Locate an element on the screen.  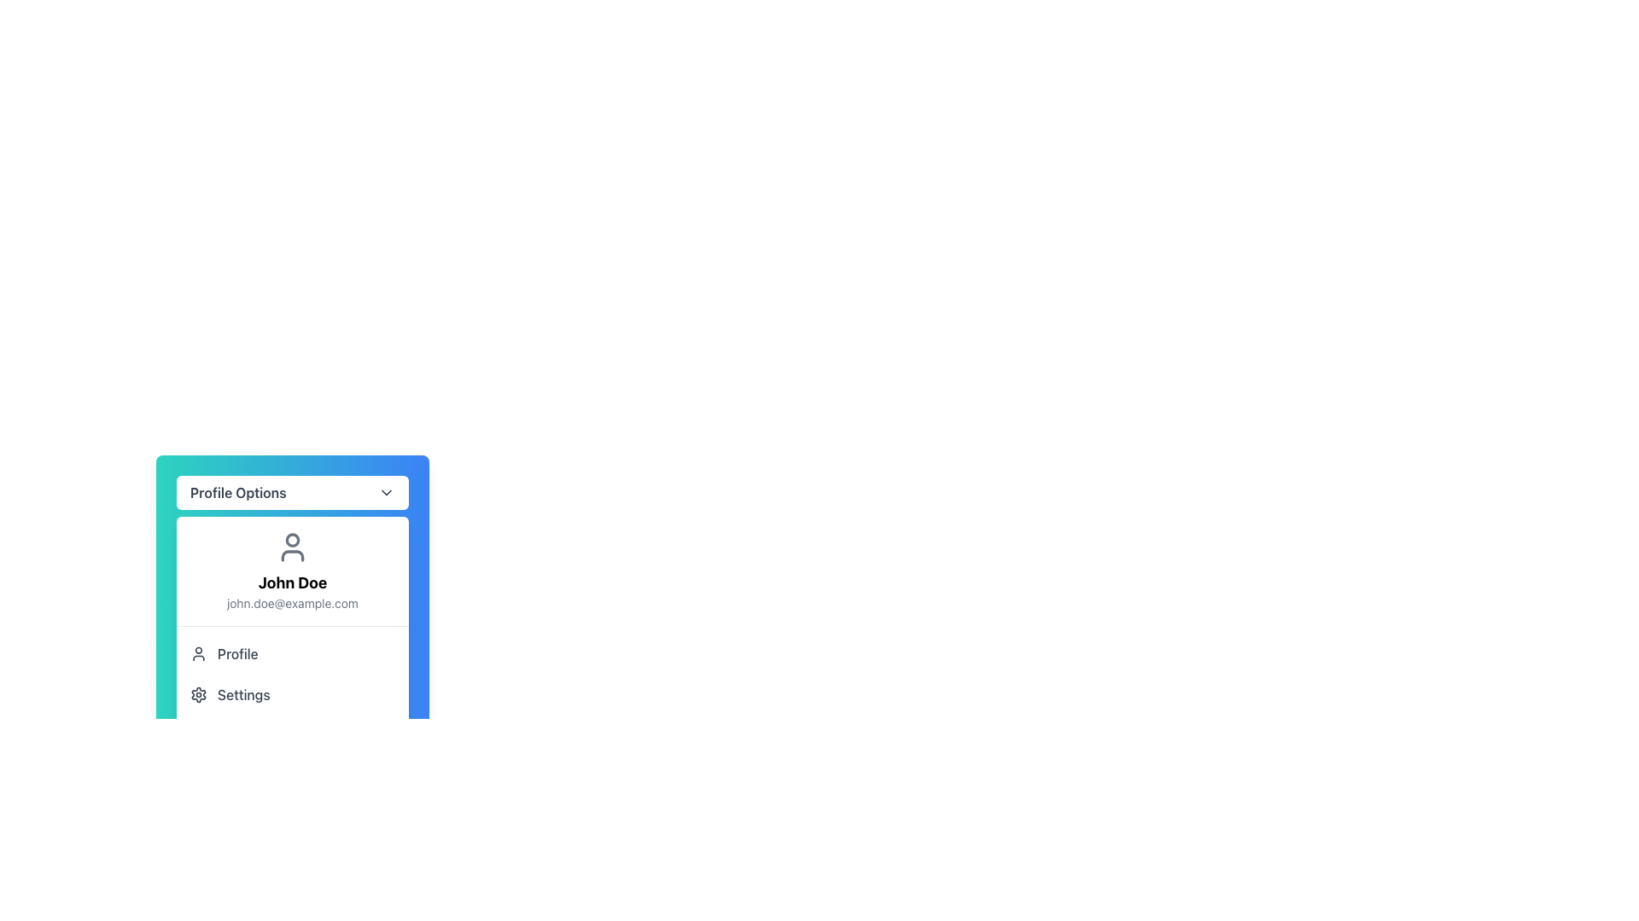
the 'Profile Options' dropdown button, which is a rectangular button with rounded corners and a white background is located at coordinates (292, 493).